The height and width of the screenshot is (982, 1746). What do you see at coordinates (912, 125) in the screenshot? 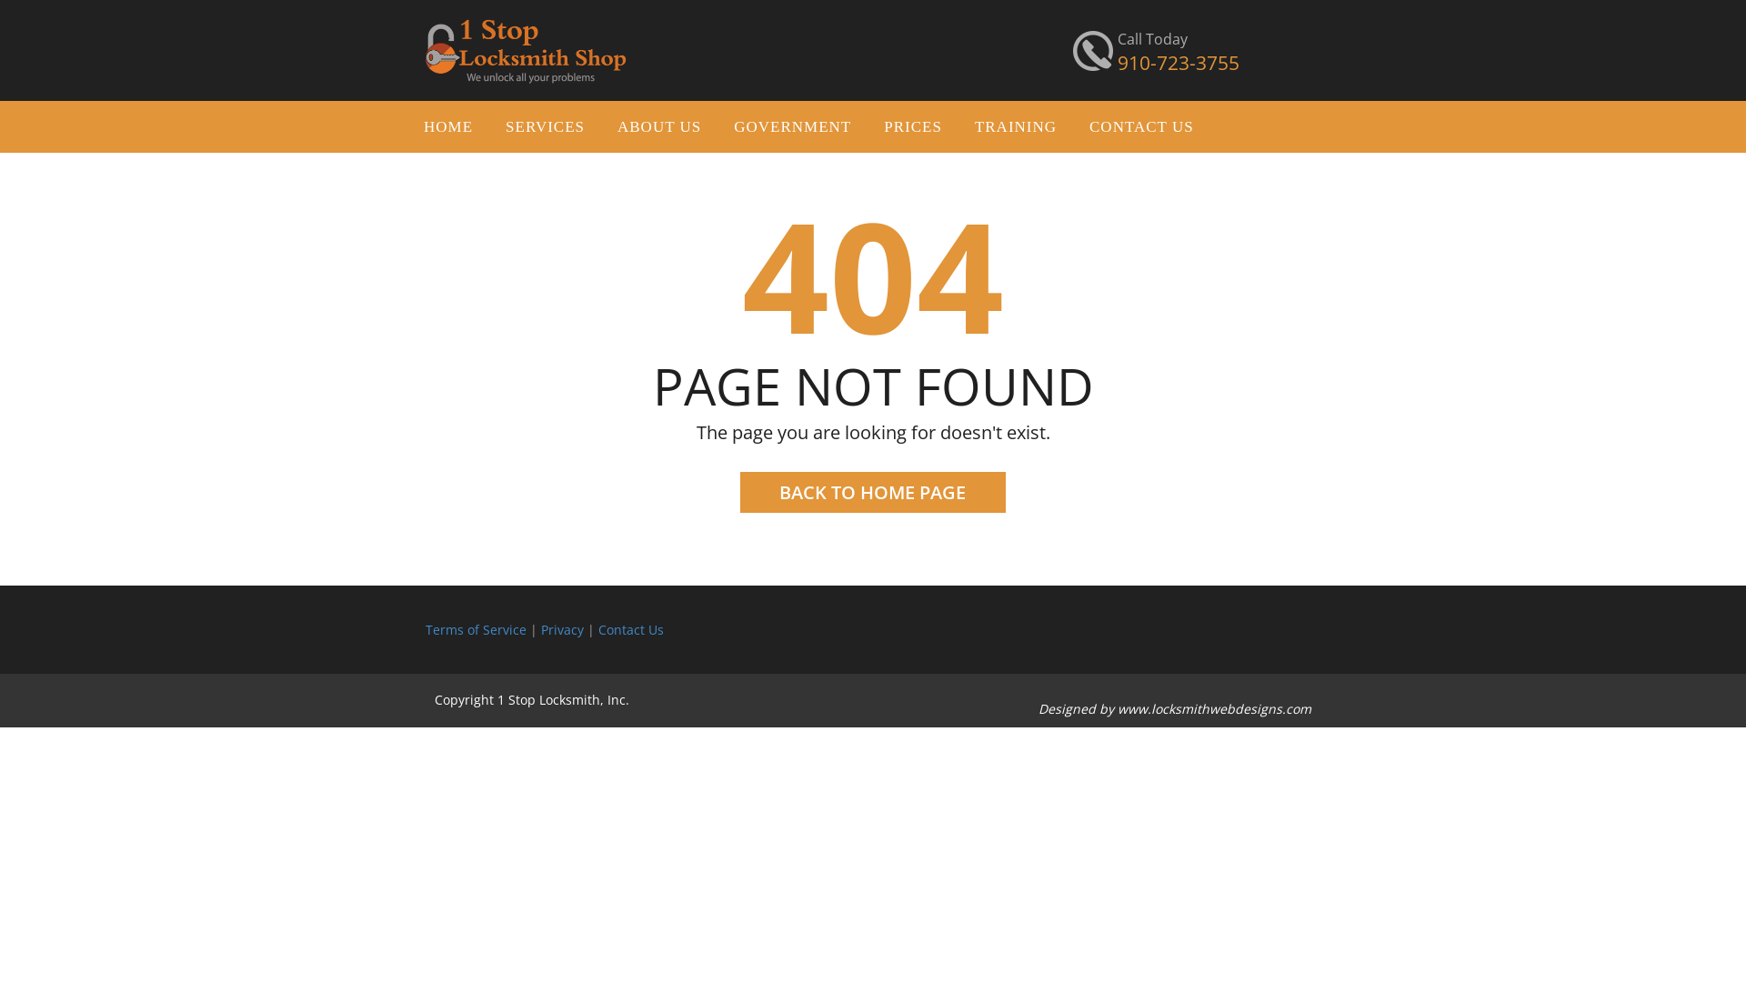
I see `'PRICES'` at bounding box center [912, 125].